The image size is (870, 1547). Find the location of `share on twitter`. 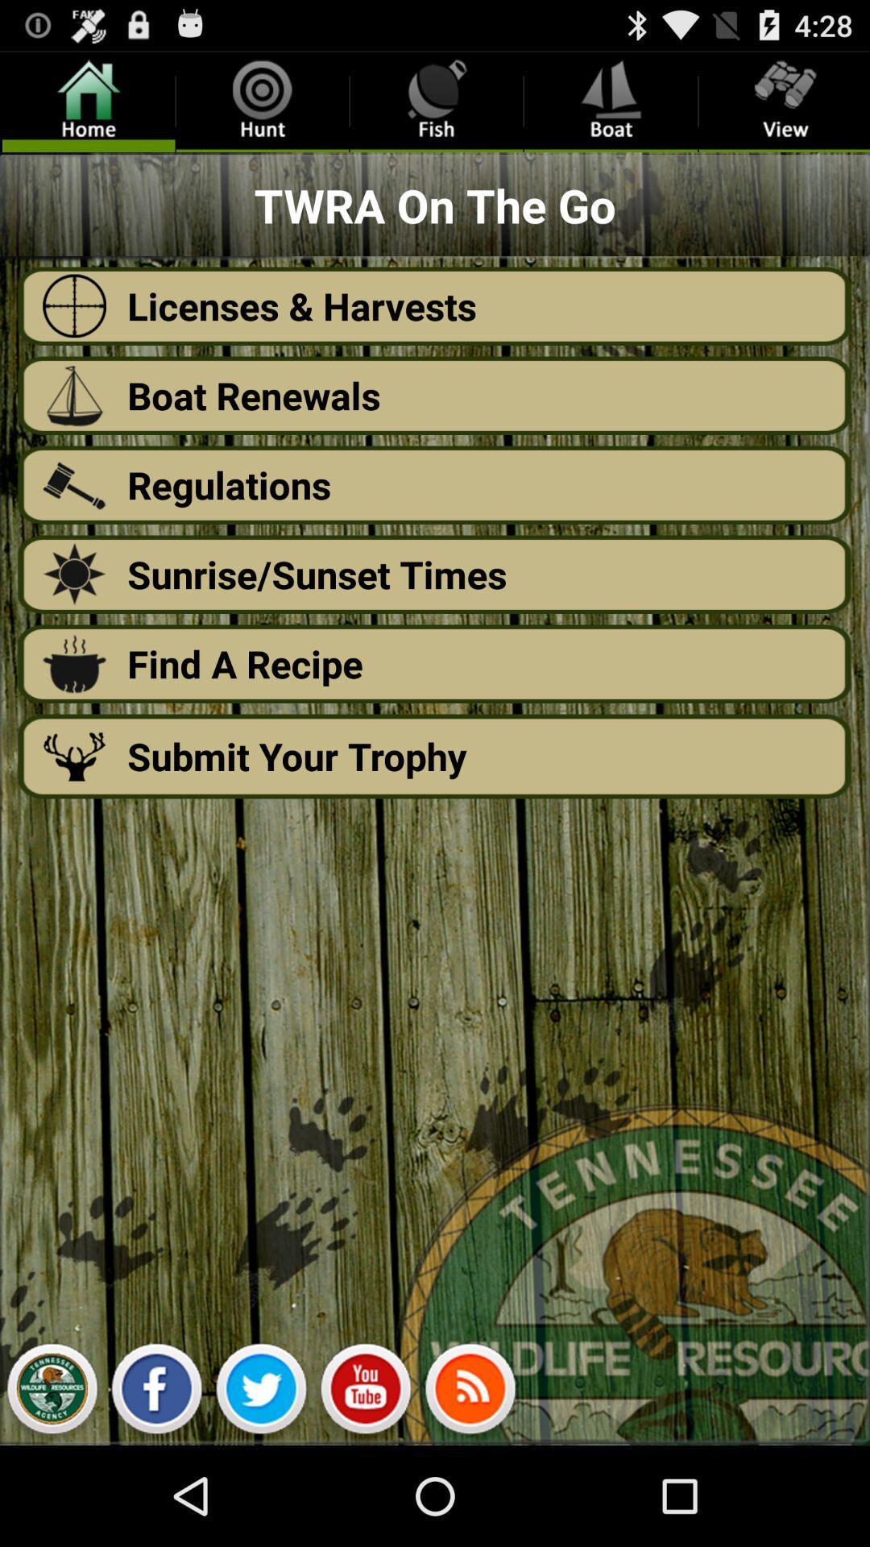

share on twitter is located at coordinates (260, 1392).